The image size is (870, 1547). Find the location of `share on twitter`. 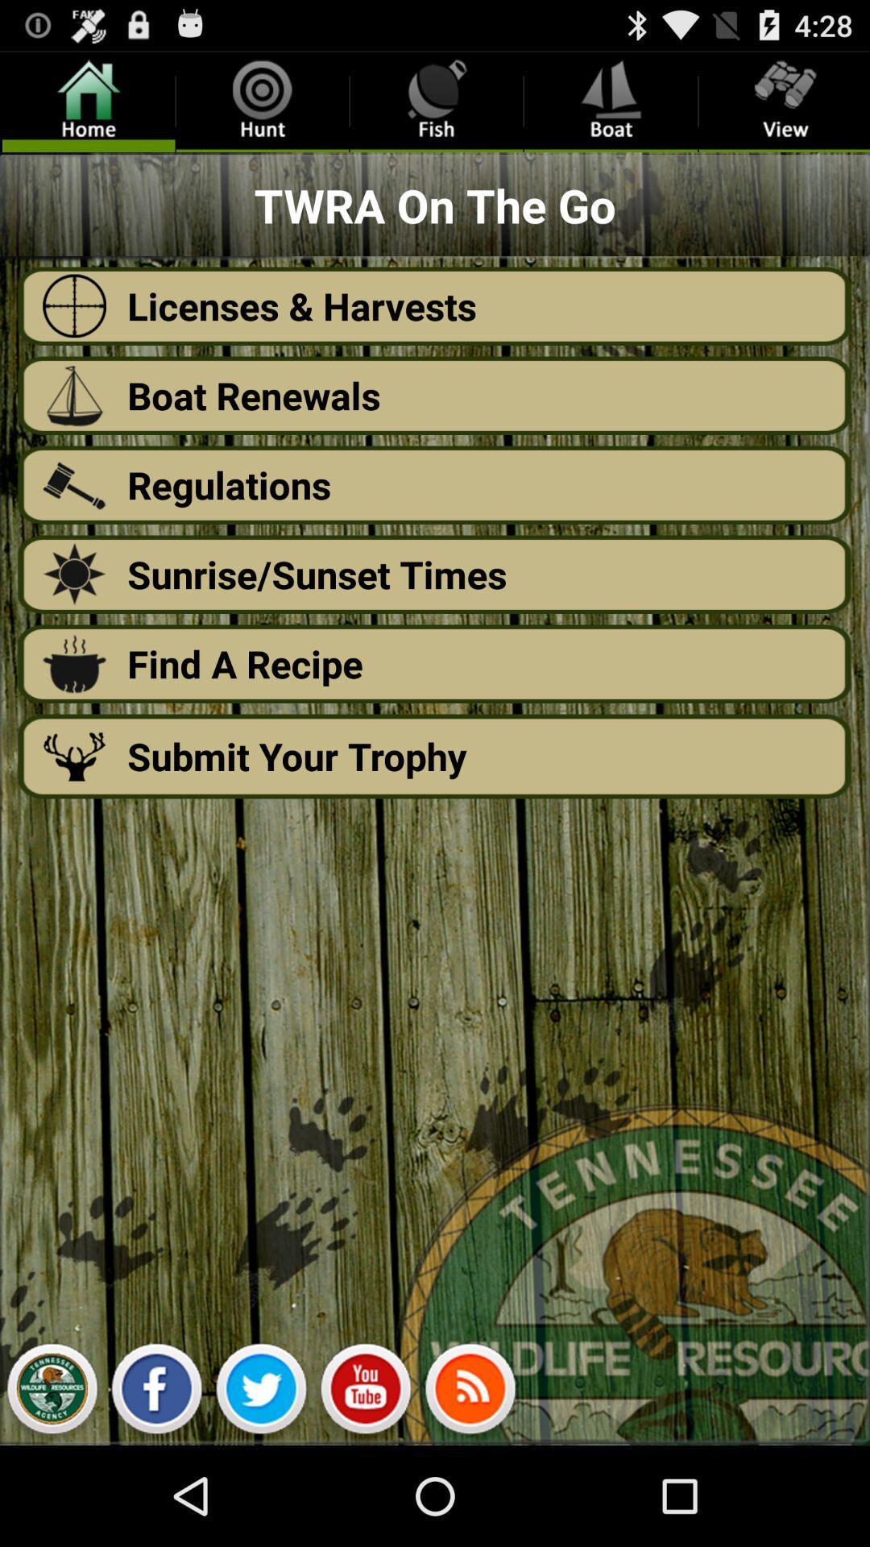

share on twitter is located at coordinates (260, 1392).